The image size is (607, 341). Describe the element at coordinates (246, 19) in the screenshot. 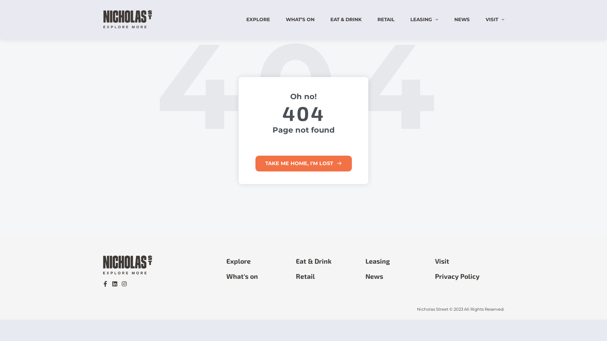

I see `'EXPLORE'` at that location.